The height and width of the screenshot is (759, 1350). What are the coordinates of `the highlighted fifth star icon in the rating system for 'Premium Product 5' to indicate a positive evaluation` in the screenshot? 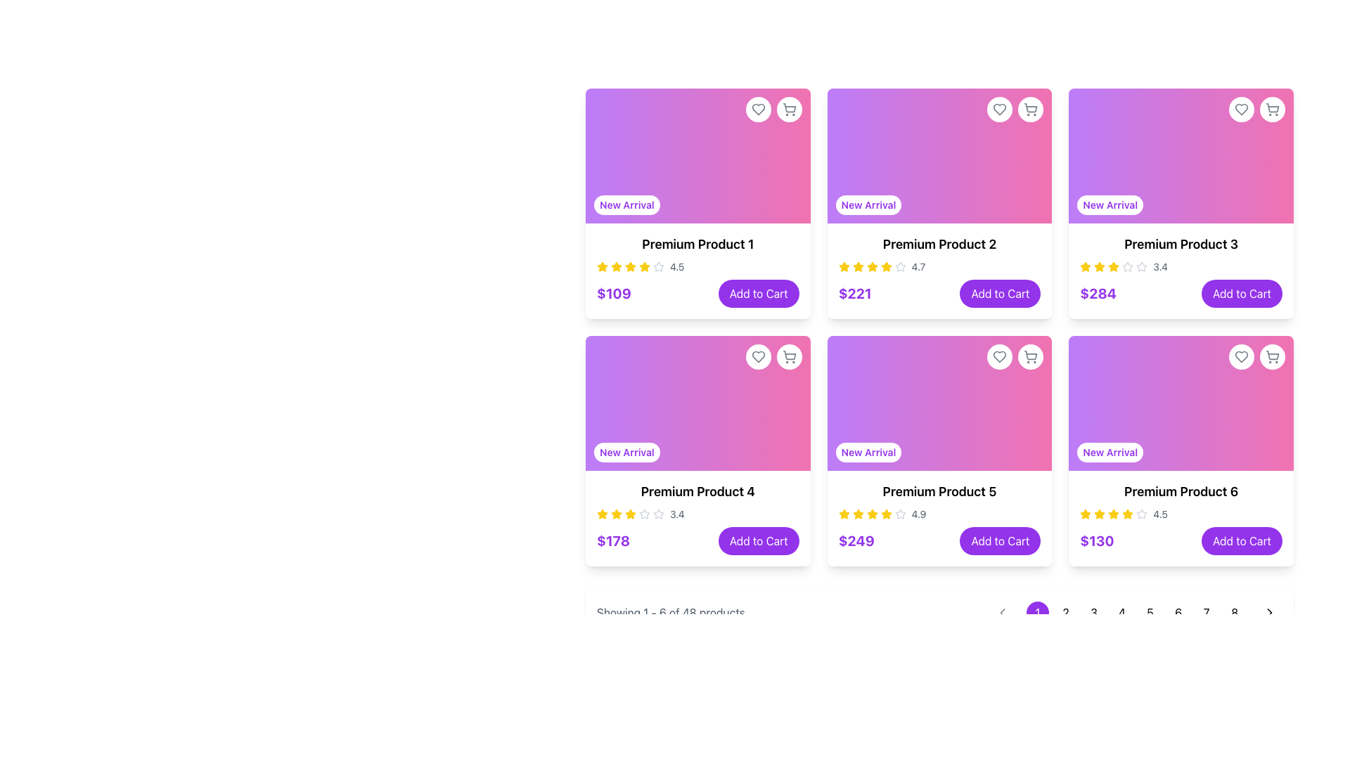 It's located at (871, 514).